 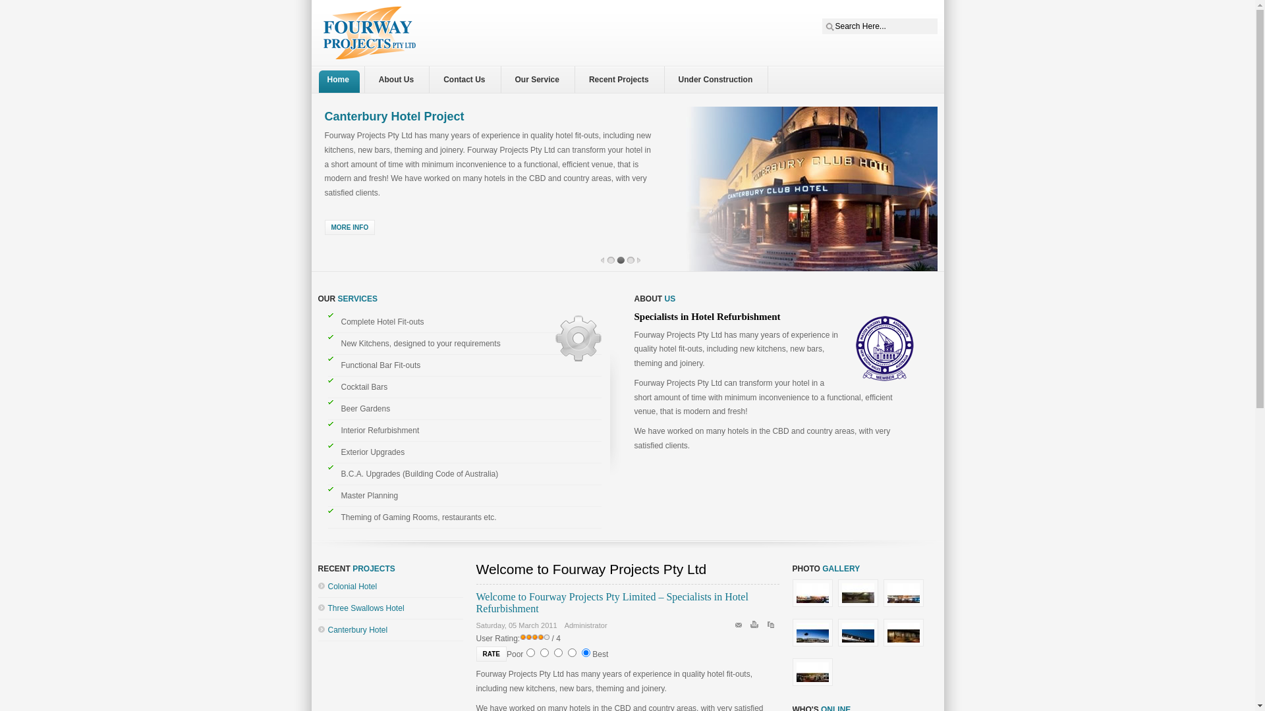 I want to click on 'About Us', so click(x=399, y=79).